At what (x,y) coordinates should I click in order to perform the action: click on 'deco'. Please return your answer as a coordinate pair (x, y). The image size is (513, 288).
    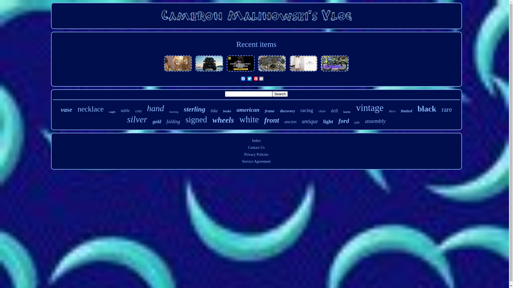
    Looking at the image, I should click on (389, 111).